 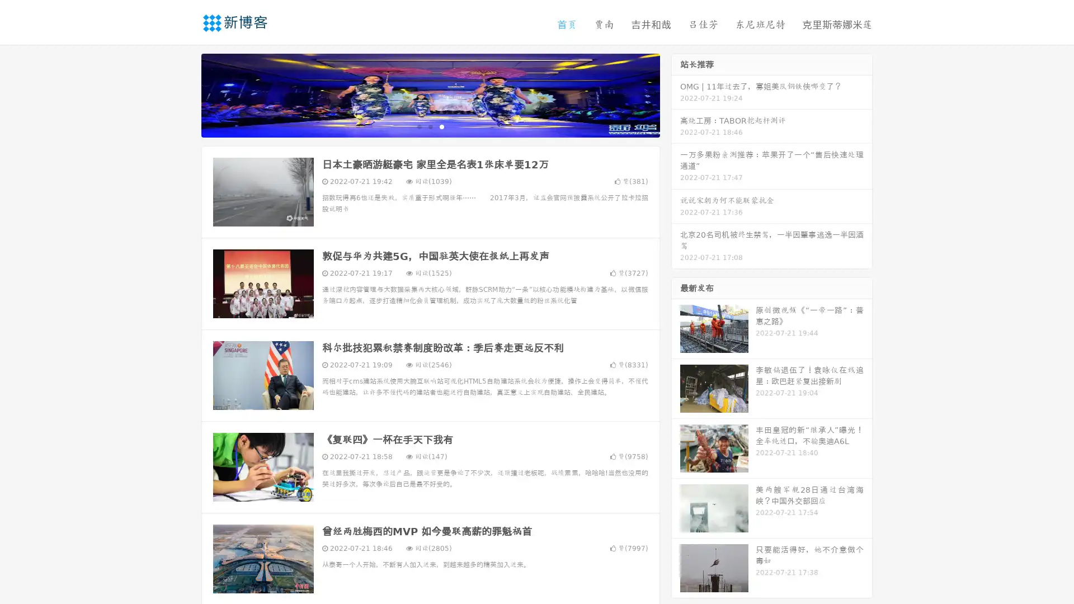 What do you see at coordinates (441, 126) in the screenshot?
I see `Go to slide 3` at bounding box center [441, 126].